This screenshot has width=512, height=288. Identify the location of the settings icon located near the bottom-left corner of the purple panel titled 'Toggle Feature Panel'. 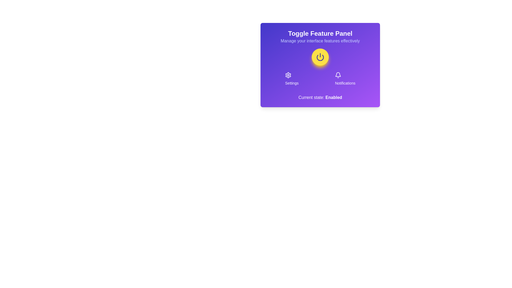
(288, 75).